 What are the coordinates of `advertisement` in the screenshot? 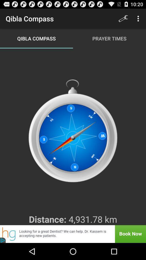 It's located at (73, 234).